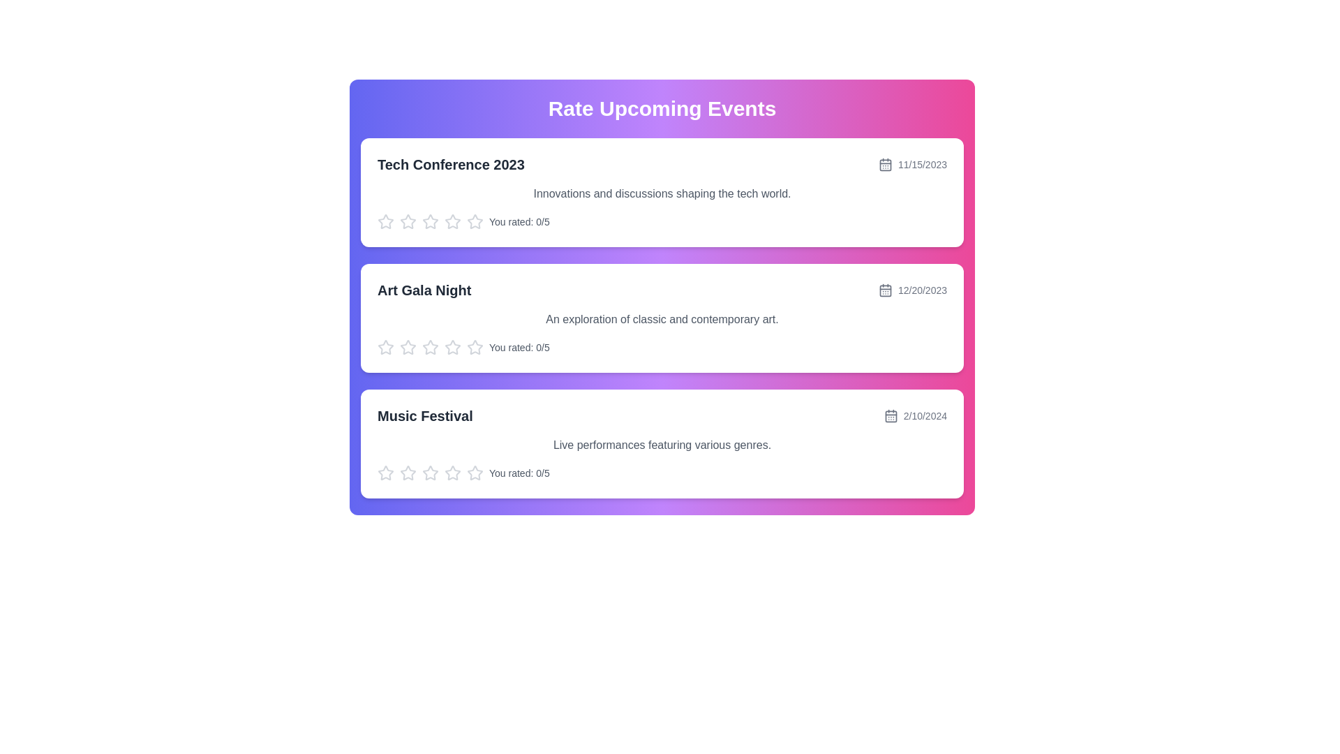 The image size is (1340, 754). I want to click on the fifth star icon, so click(452, 473).